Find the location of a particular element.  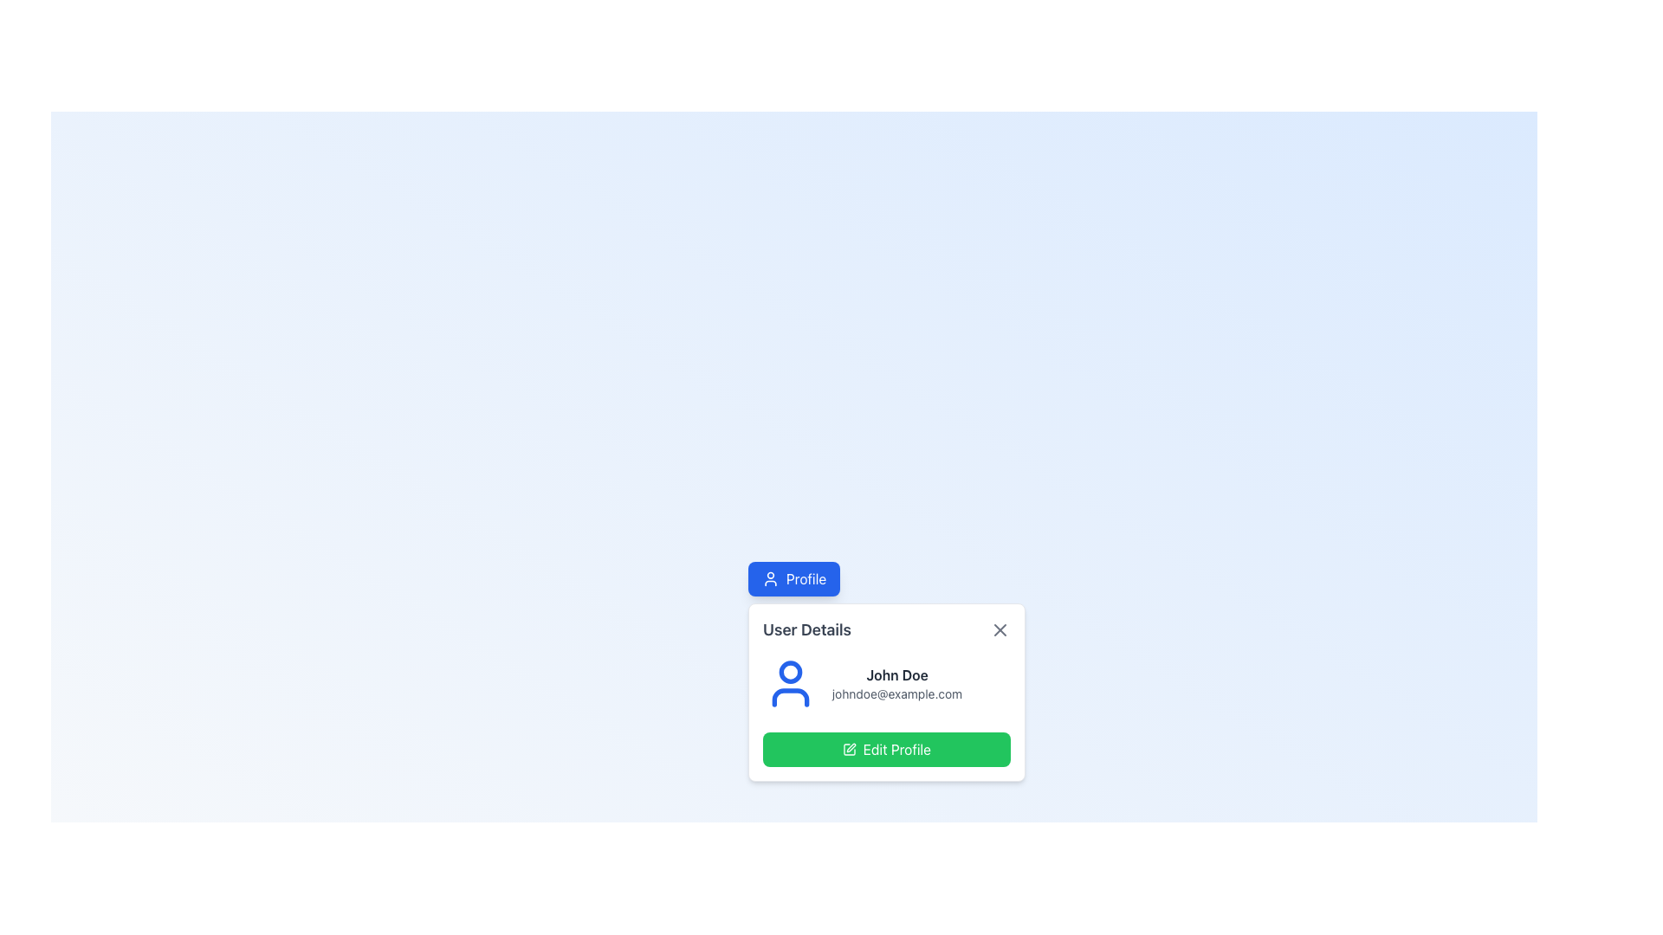

the bold text label reading 'User Details' which is prominently displayed at the top of a card-like UI component is located at coordinates (806, 630).